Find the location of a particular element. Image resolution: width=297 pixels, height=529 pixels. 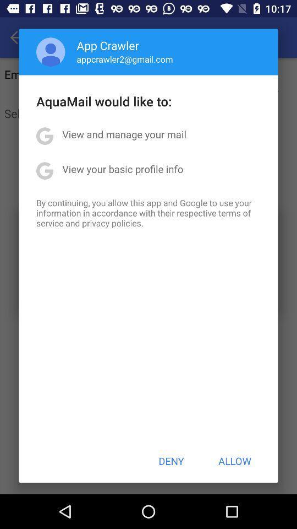

icon above aquamail would like item is located at coordinates (124, 59).